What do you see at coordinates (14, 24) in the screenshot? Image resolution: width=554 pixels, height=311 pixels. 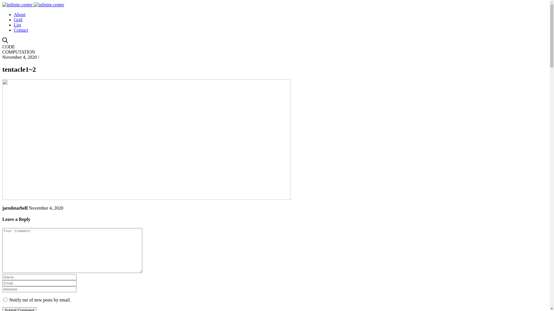 I see `'List'` at bounding box center [14, 24].